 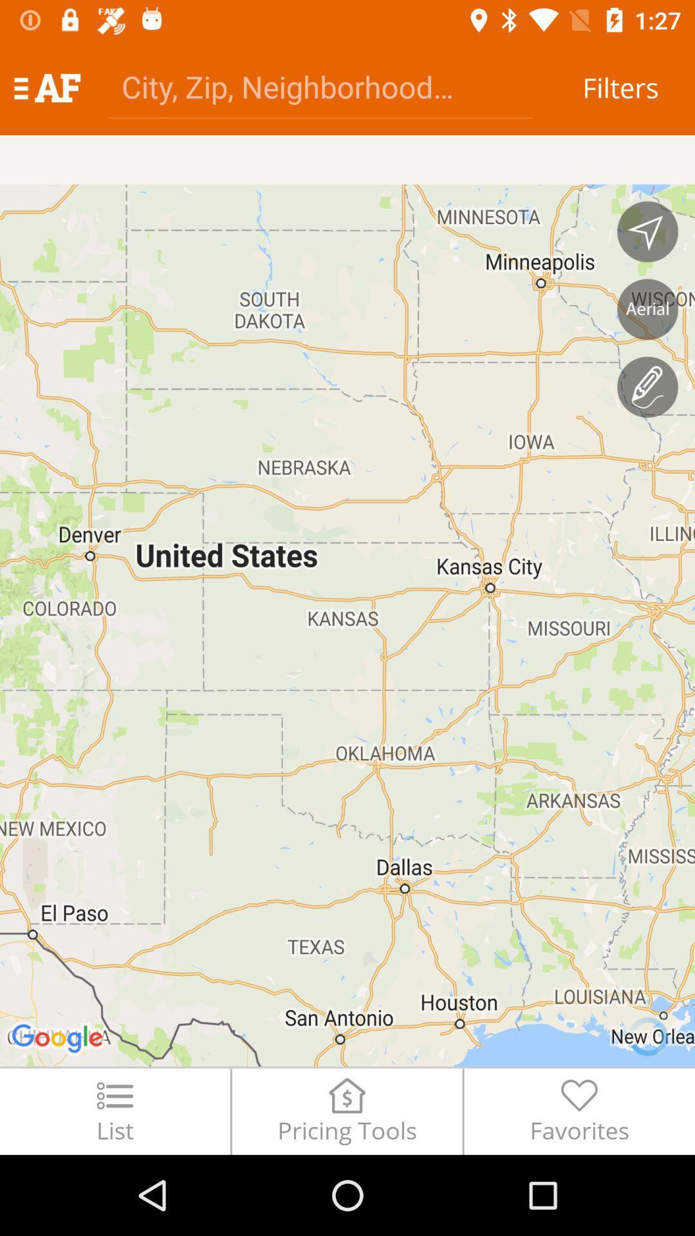 What do you see at coordinates (647, 309) in the screenshot?
I see `aerial view of the map` at bounding box center [647, 309].